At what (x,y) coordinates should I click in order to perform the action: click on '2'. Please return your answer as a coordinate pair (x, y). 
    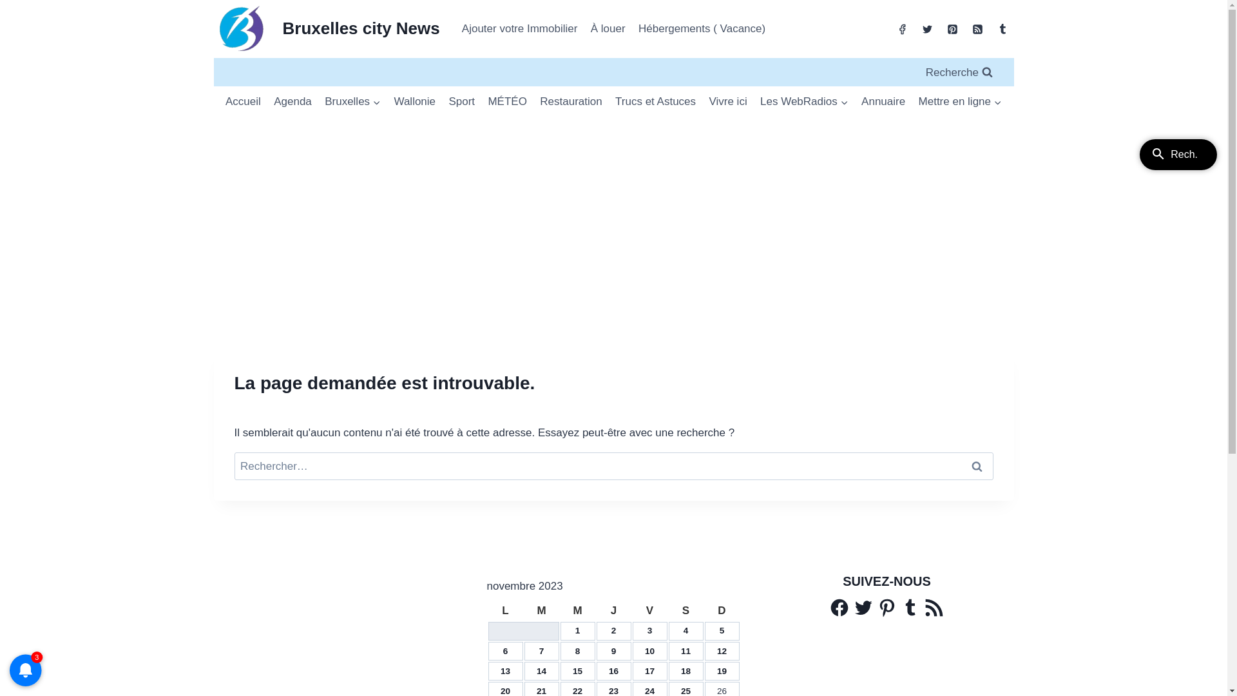
    Looking at the image, I should click on (613, 630).